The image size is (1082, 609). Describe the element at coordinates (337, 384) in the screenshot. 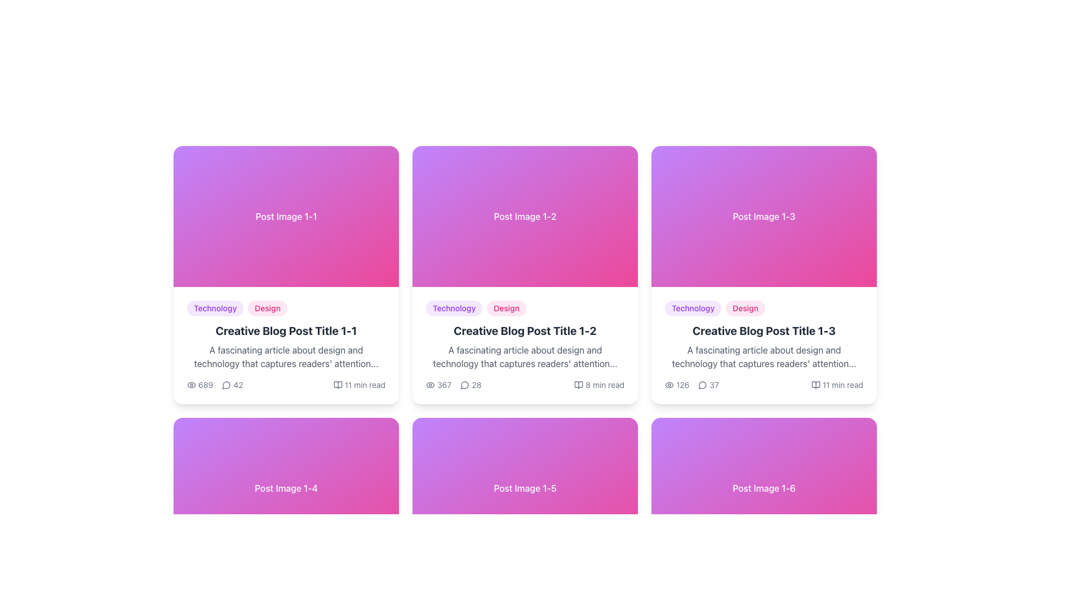

I see `the reading material icon located at the bottom-right corner of the 'Creative Blog Post Title 1-1' card, adjacent to the '11 min read' text` at that location.